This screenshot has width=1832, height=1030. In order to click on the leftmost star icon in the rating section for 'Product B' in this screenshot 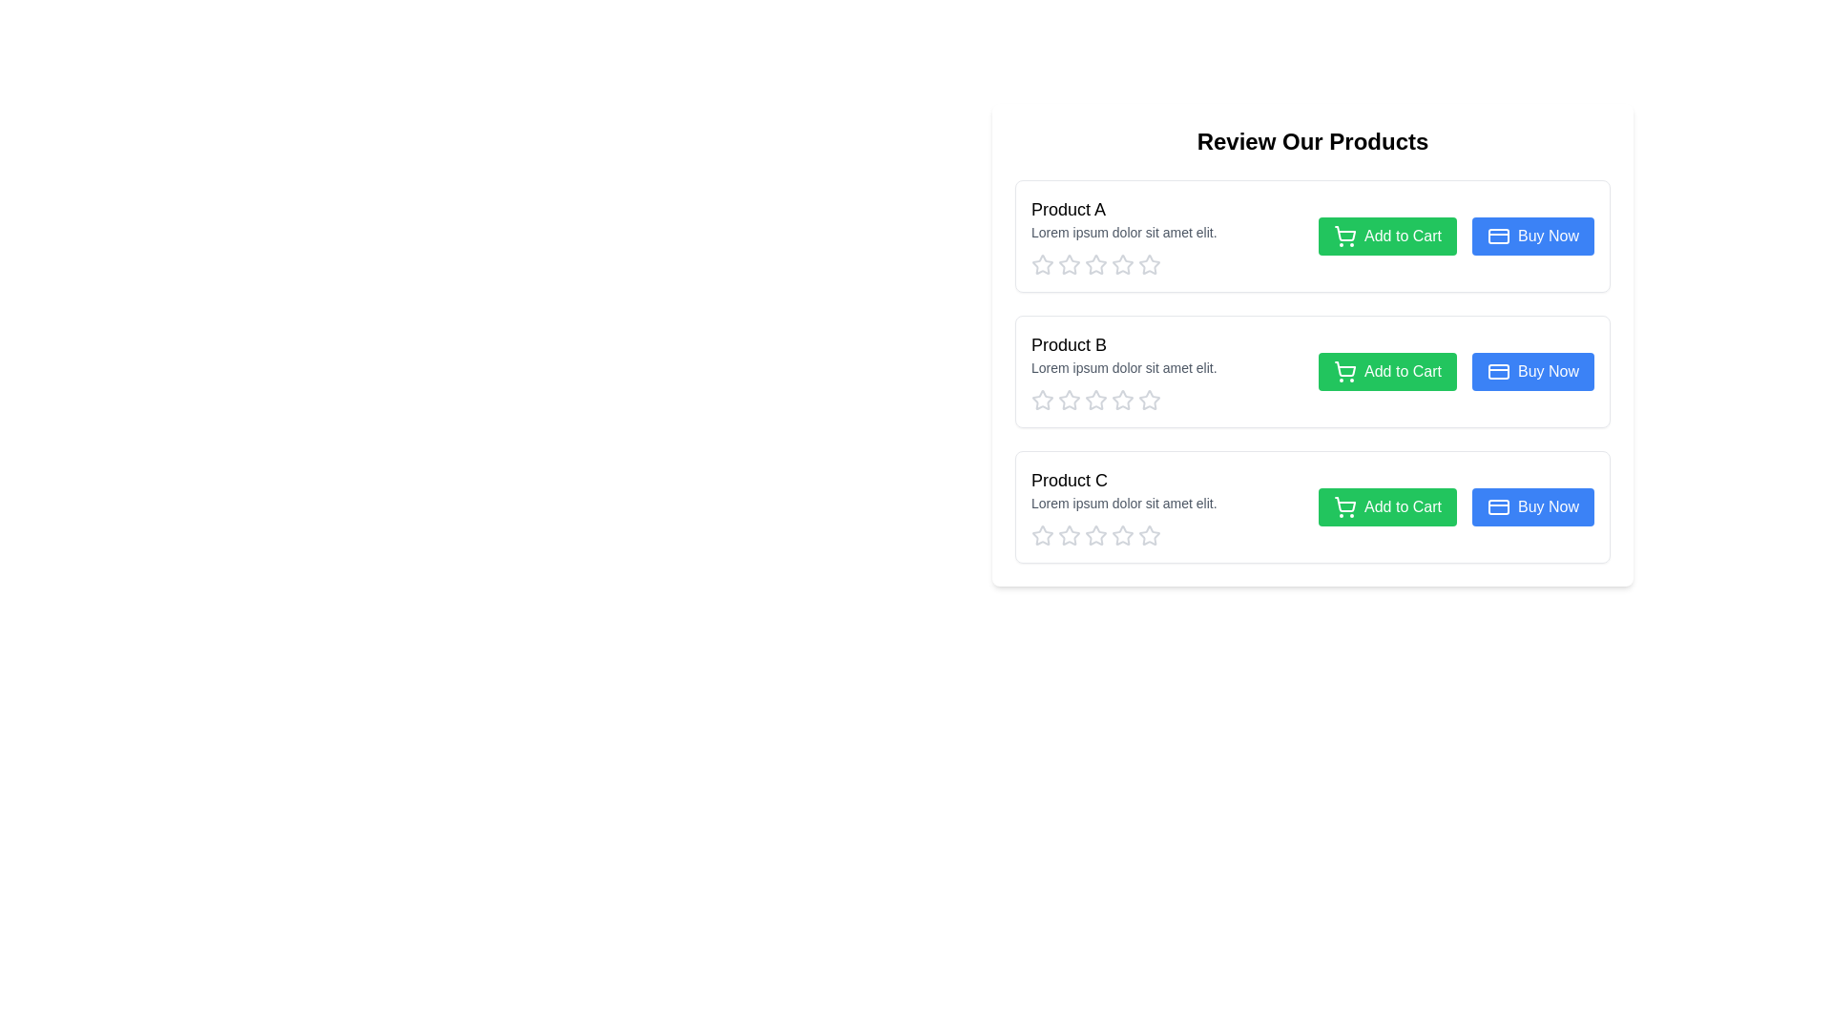, I will do `click(1040, 399)`.